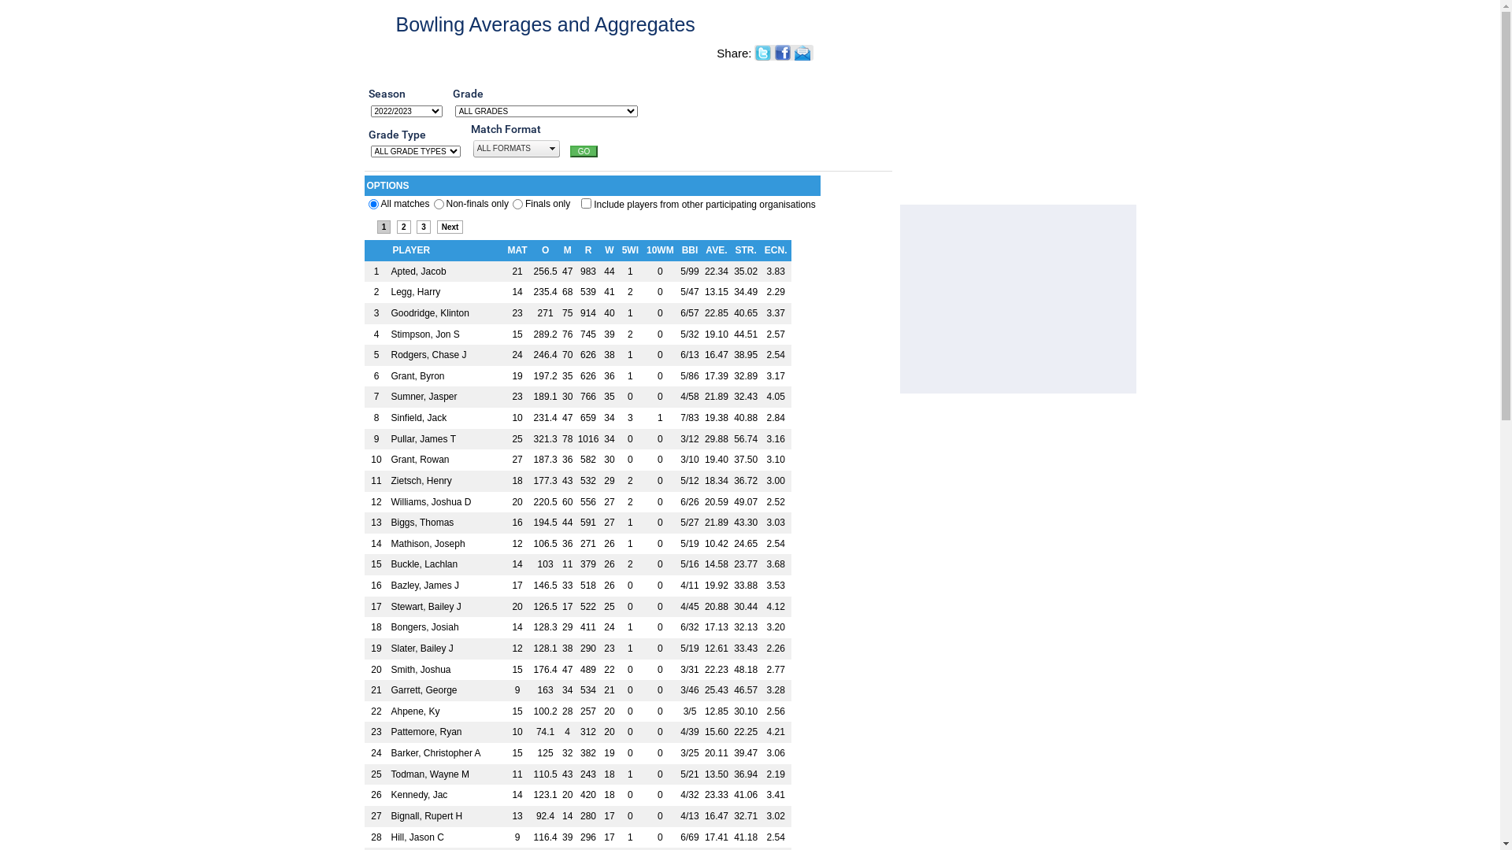 Image resolution: width=1512 pixels, height=850 pixels. I want to click on '2', so click(404, 227).